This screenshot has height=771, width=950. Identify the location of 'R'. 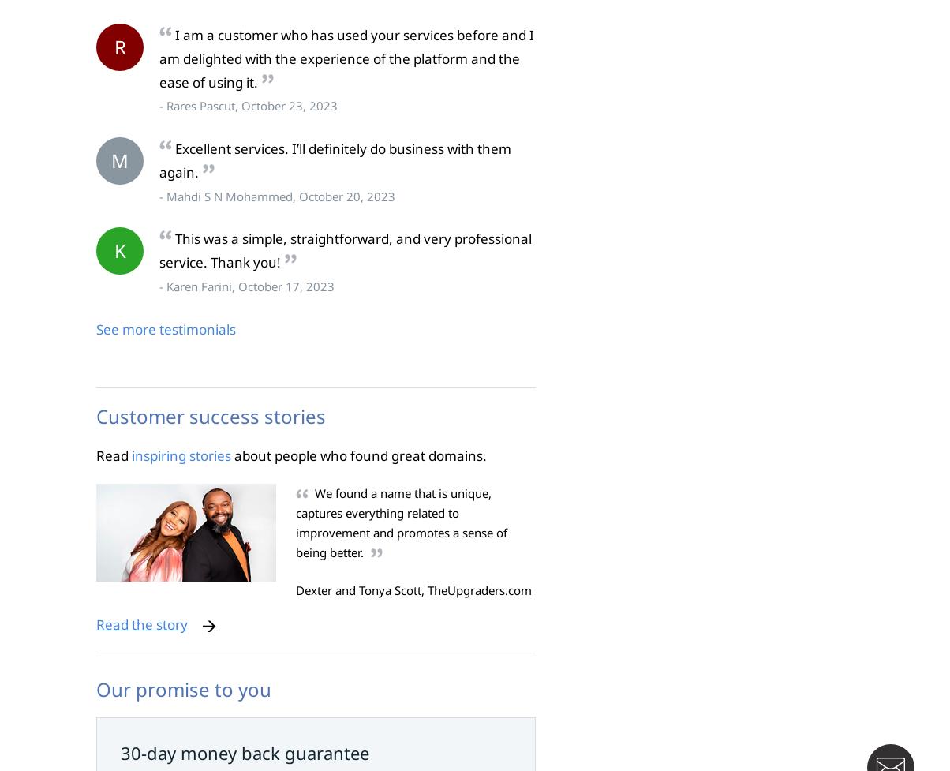
(119, 47).